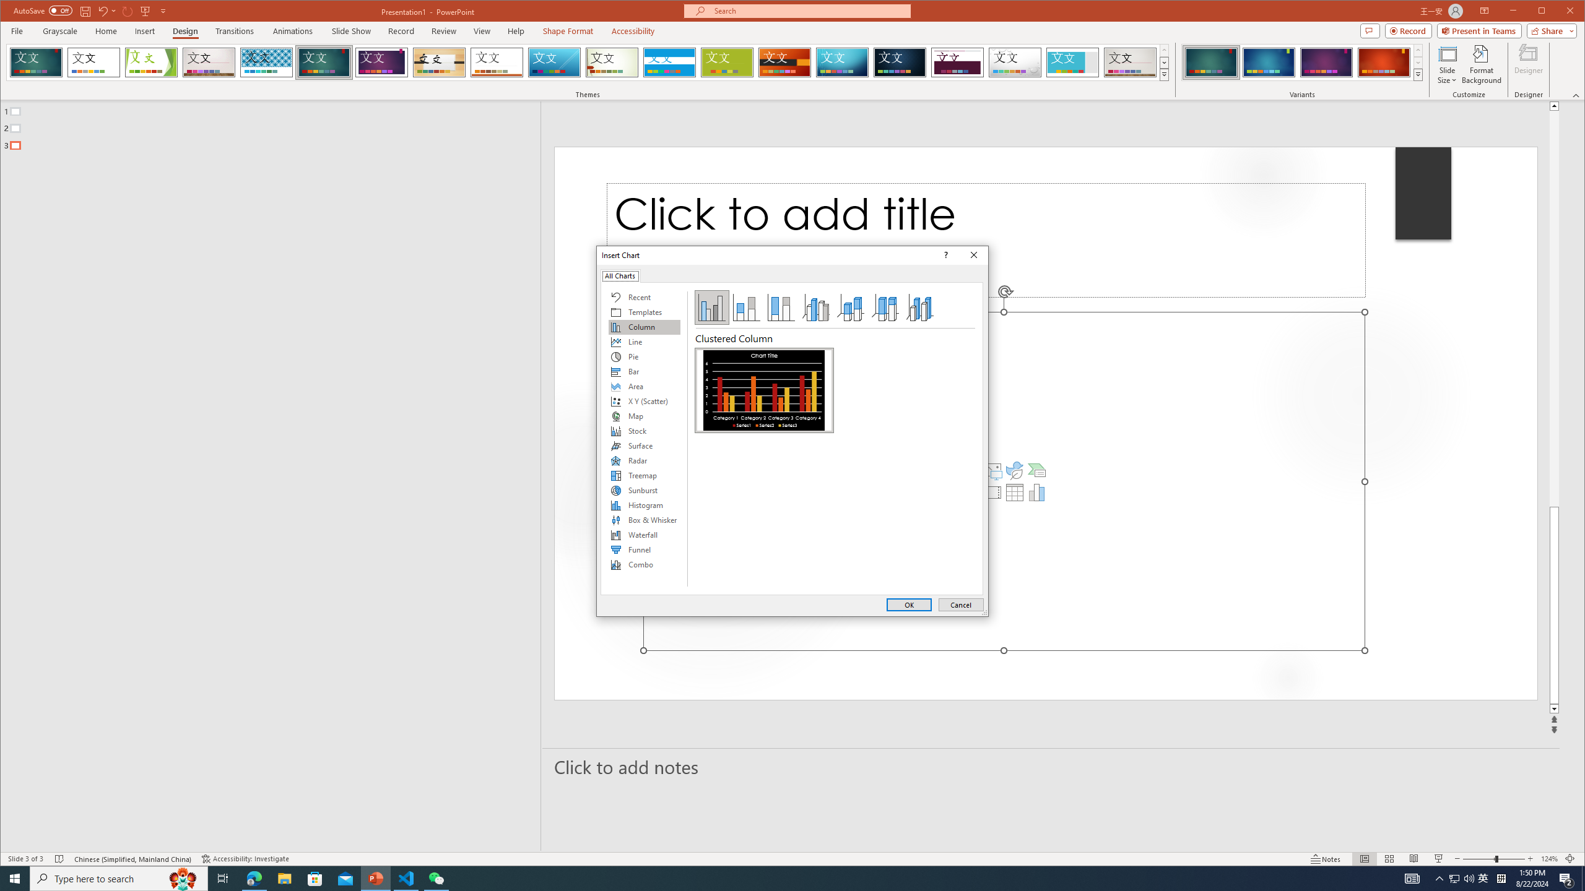 Image resolution: width=1585 pixels, height=891 pixels. What do you see at coordinates (850, 308) in the screenshot?
I see `'3-D Stacked Column'` at bounding box center [850, 308].